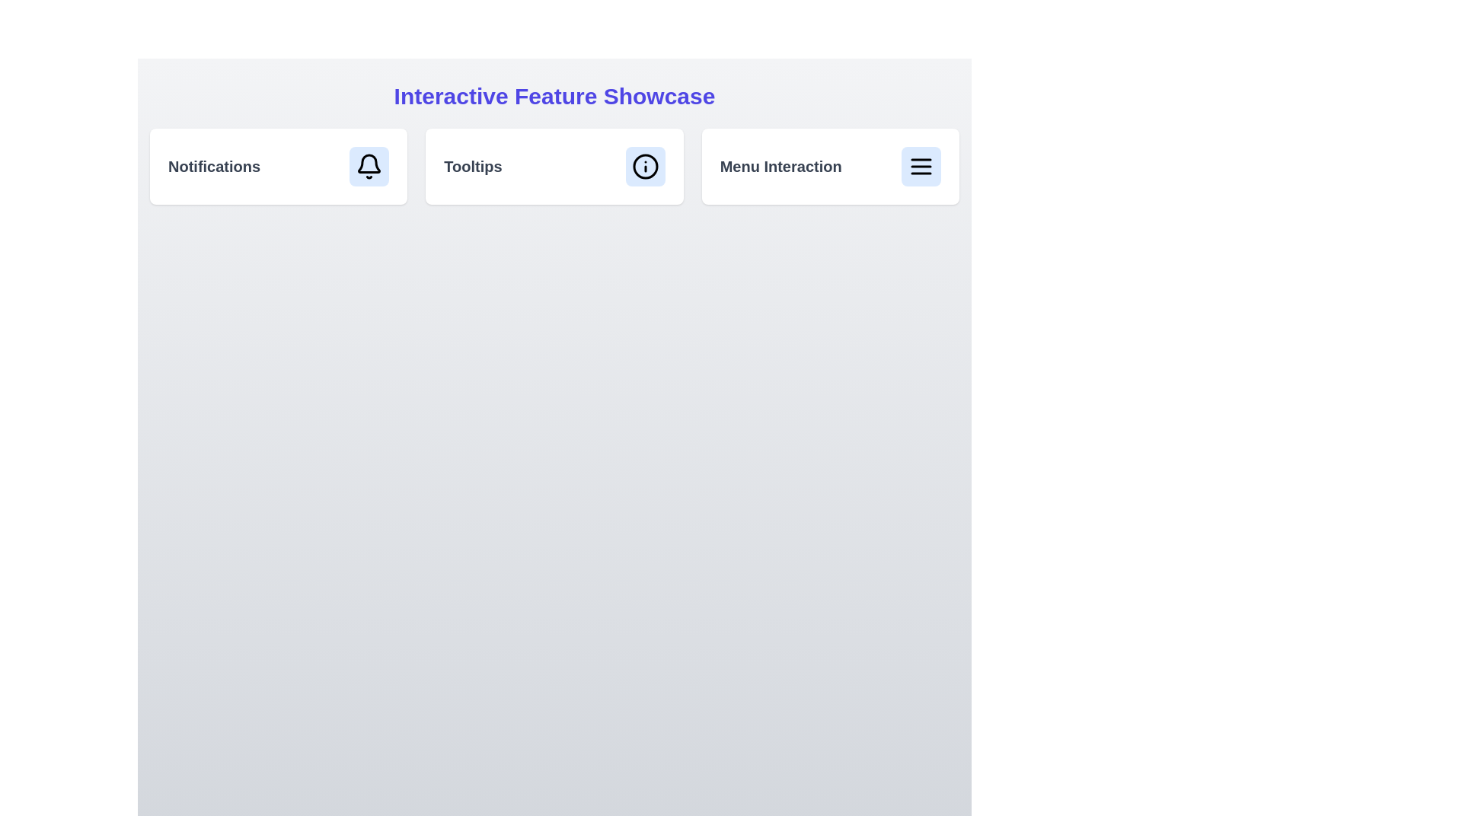  Describe the element at coordinates (554, 97) in the screenshot. I see `the text heading displaying 'Interactive Feature Showcase', which is styled in bold indigo color and is positioned at the top of the content area` at that location.